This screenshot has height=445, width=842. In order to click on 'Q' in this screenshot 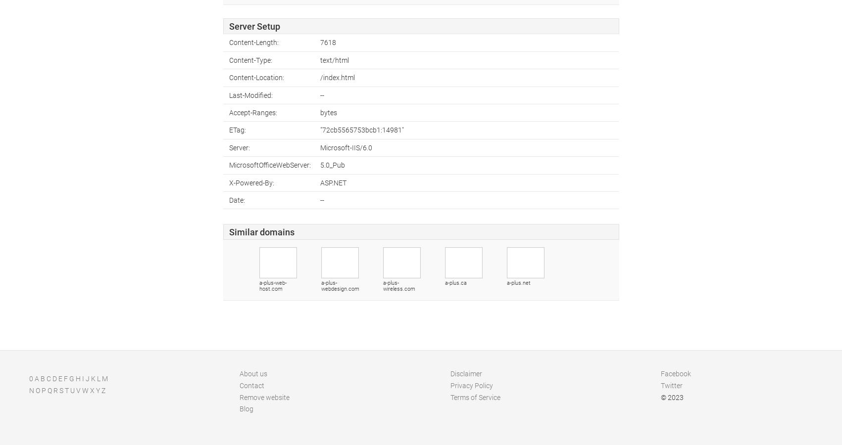, I will do `click(50, 390)`.